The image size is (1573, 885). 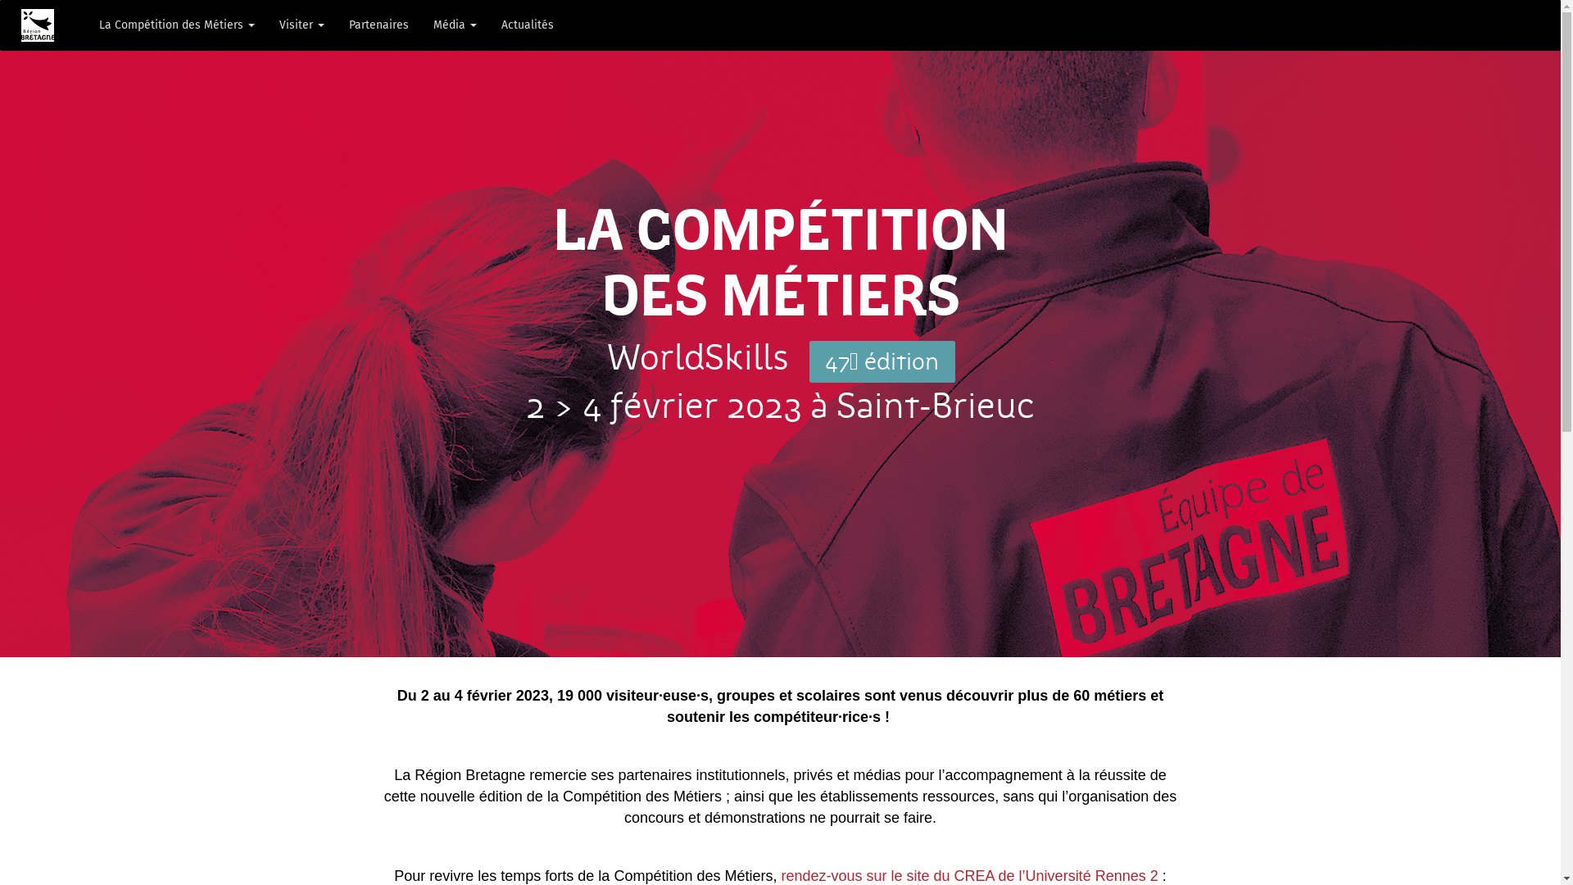 I want to click on 'Partenaires', so click(x=378, y=25).